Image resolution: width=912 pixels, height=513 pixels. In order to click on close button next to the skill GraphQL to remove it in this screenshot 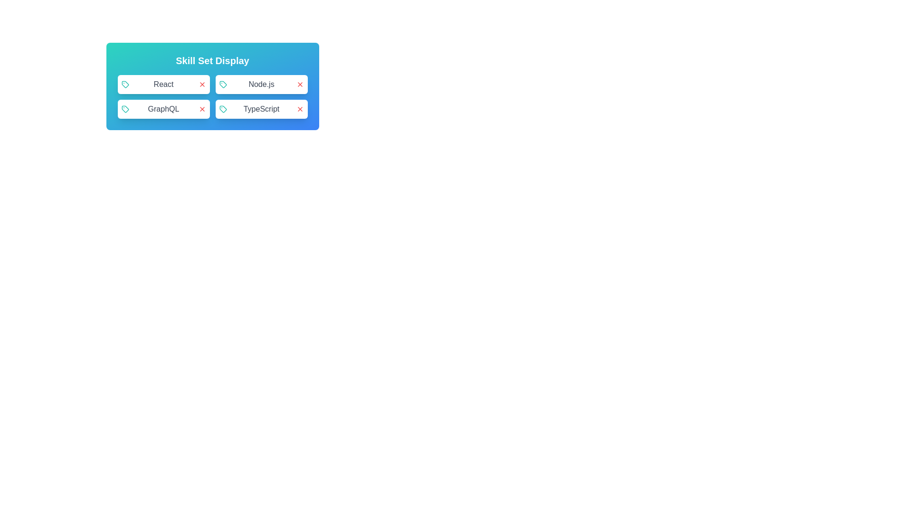, I will do `click(201, 109)`.